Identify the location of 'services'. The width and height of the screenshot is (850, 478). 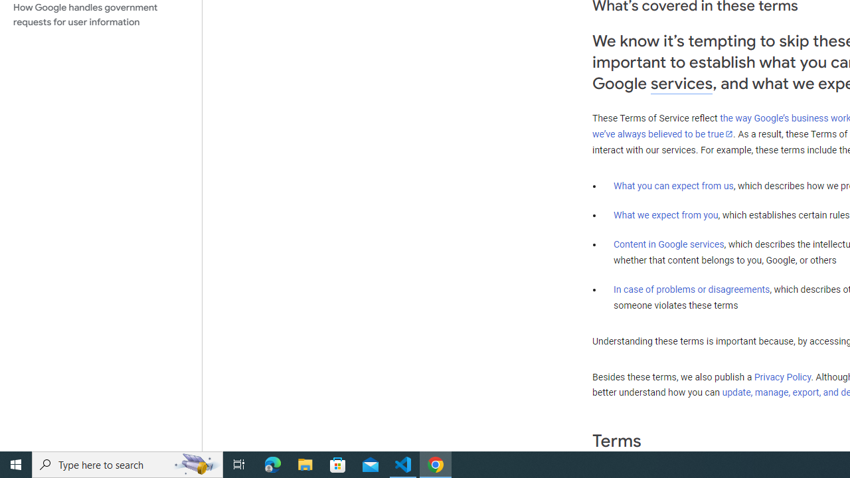
(681, 83).